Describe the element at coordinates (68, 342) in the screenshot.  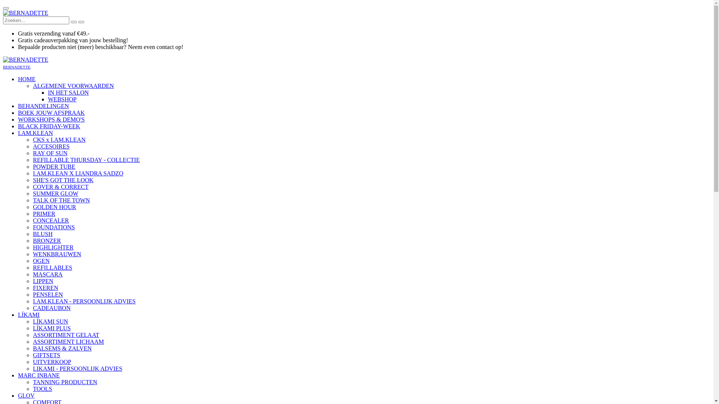
I see `'ASSORTIMENT LICHAAM'` at that location.